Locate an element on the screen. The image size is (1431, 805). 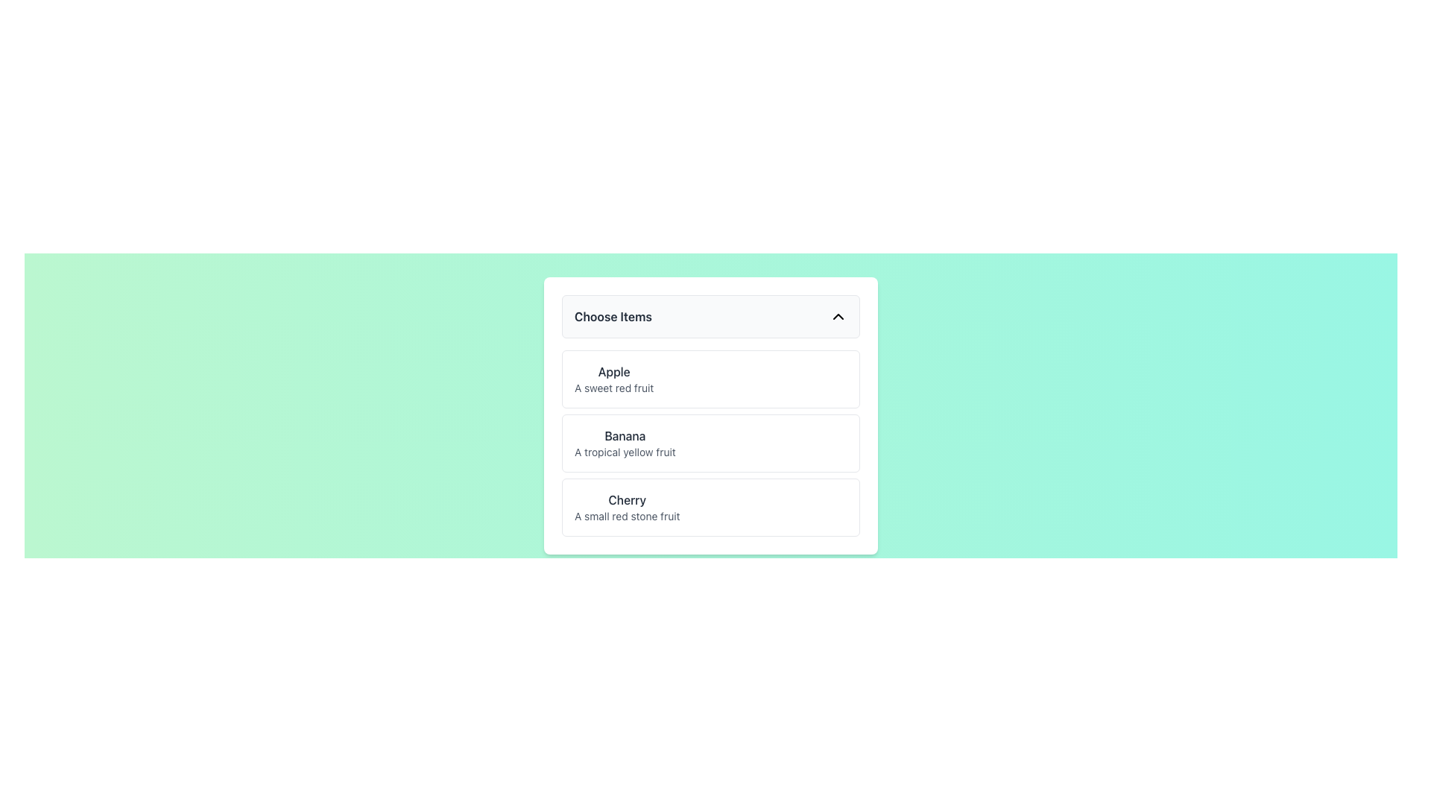
the descriptive text label located below the bolded text 'Apple' in the dropdown list is located at coordinates (614, 387).